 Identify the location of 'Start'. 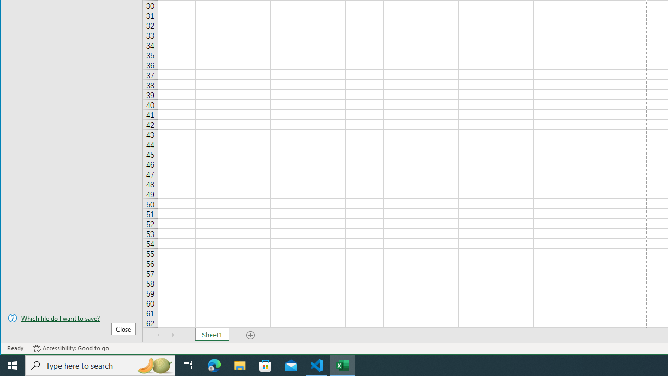
(13, 365).